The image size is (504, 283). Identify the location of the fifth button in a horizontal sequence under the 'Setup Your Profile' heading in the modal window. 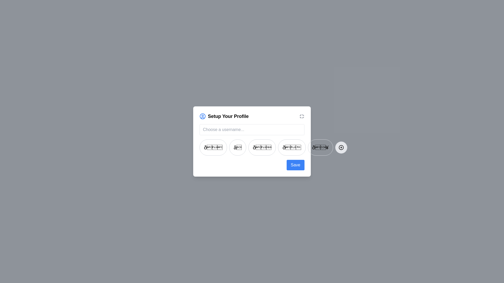
(320, 148).